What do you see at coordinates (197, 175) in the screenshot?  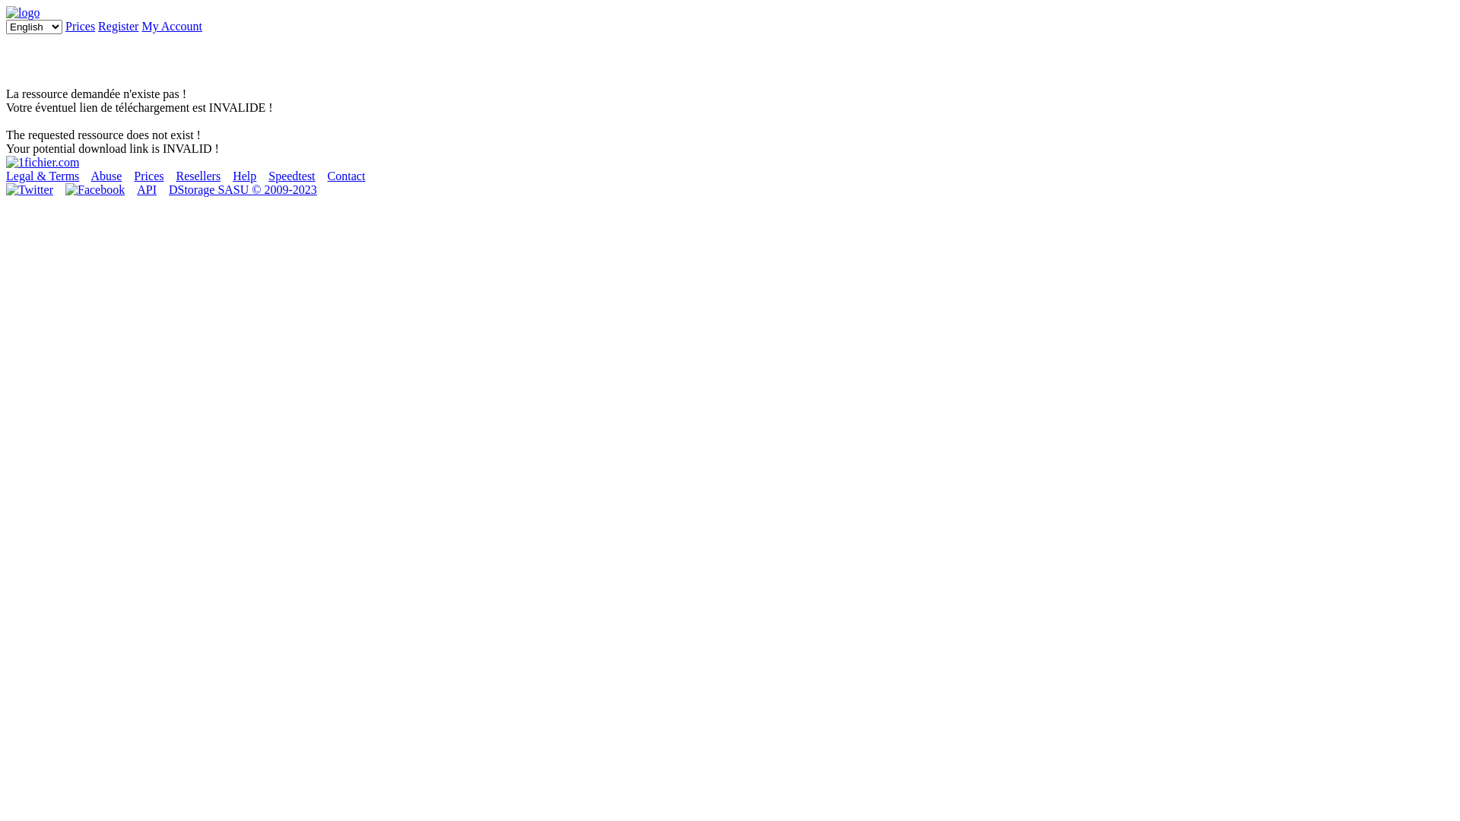 I see `'Resellers'` at bounding box center [197, 175].